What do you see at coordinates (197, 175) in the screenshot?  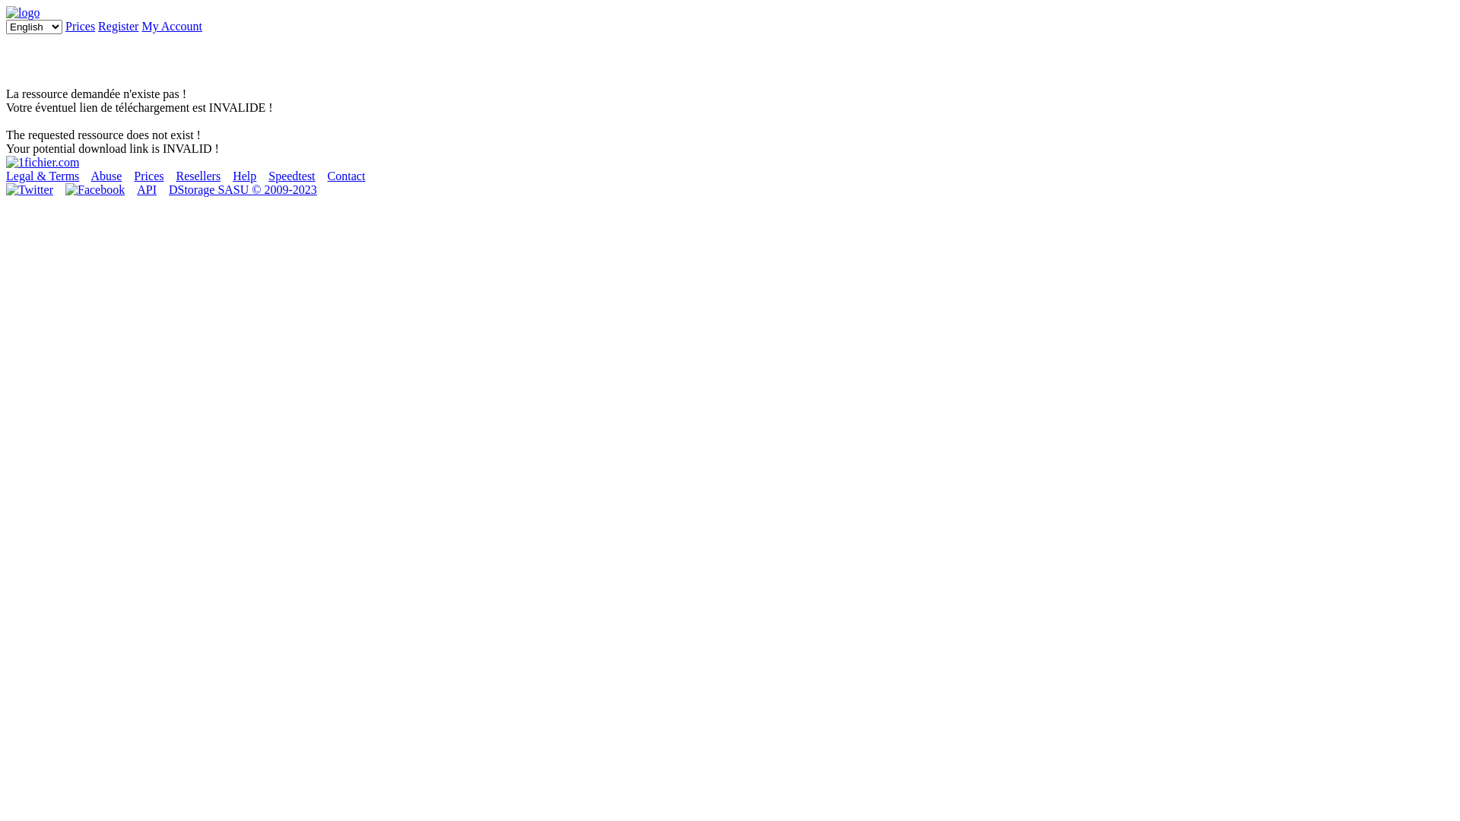 I see `'Resellers'` at bounding box center [197, 175].